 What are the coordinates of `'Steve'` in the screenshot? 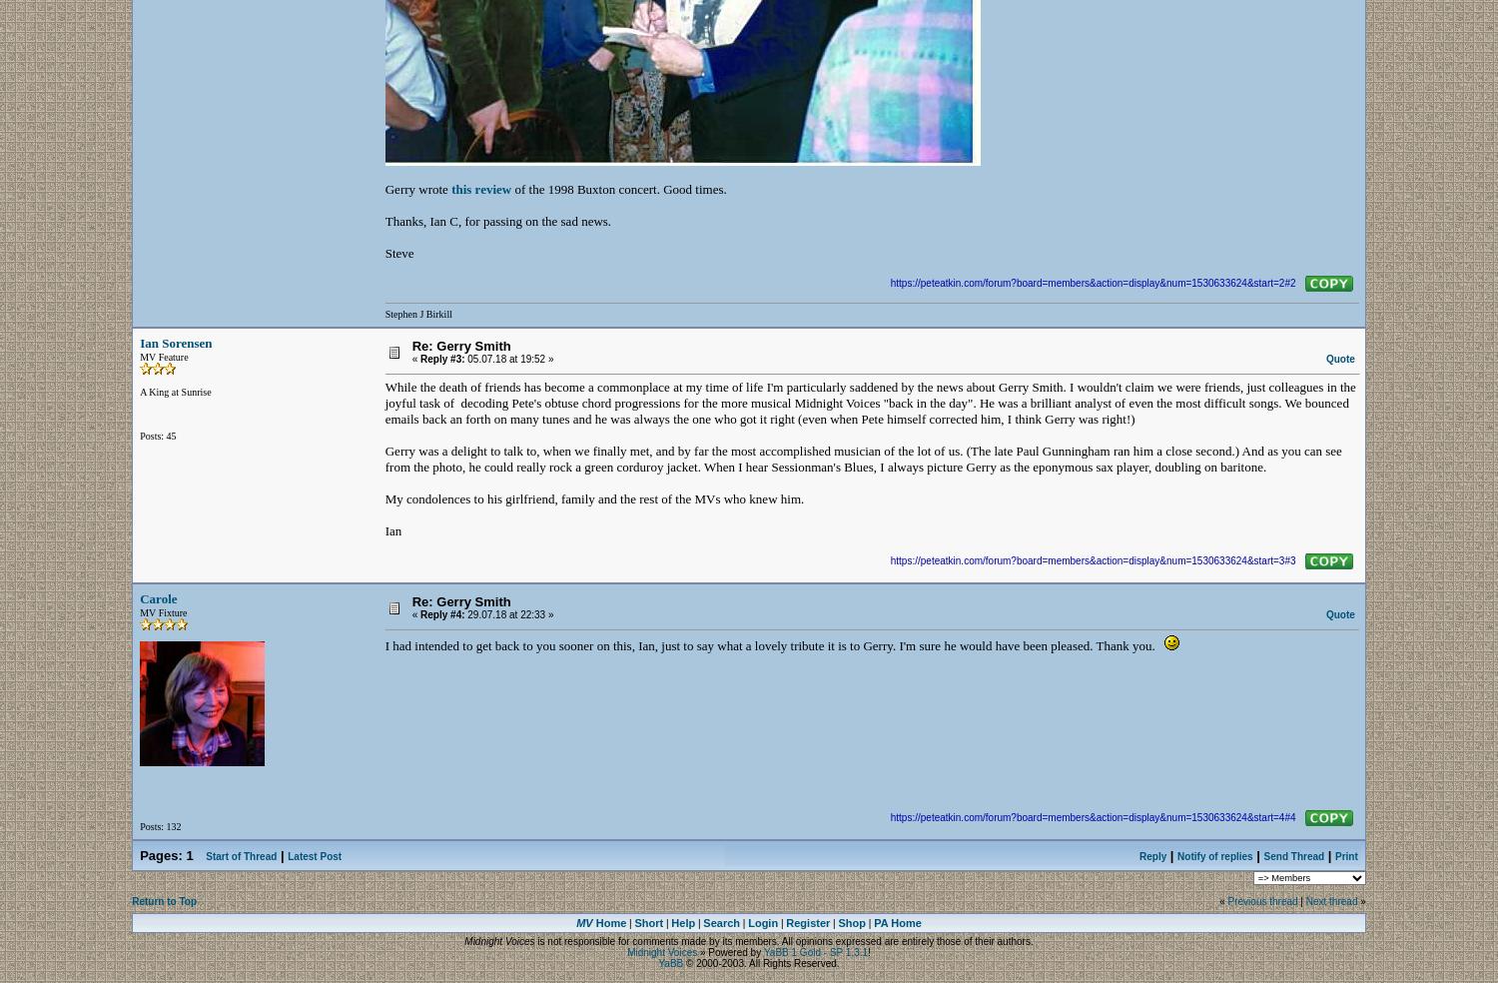 It's located at (398, 252).